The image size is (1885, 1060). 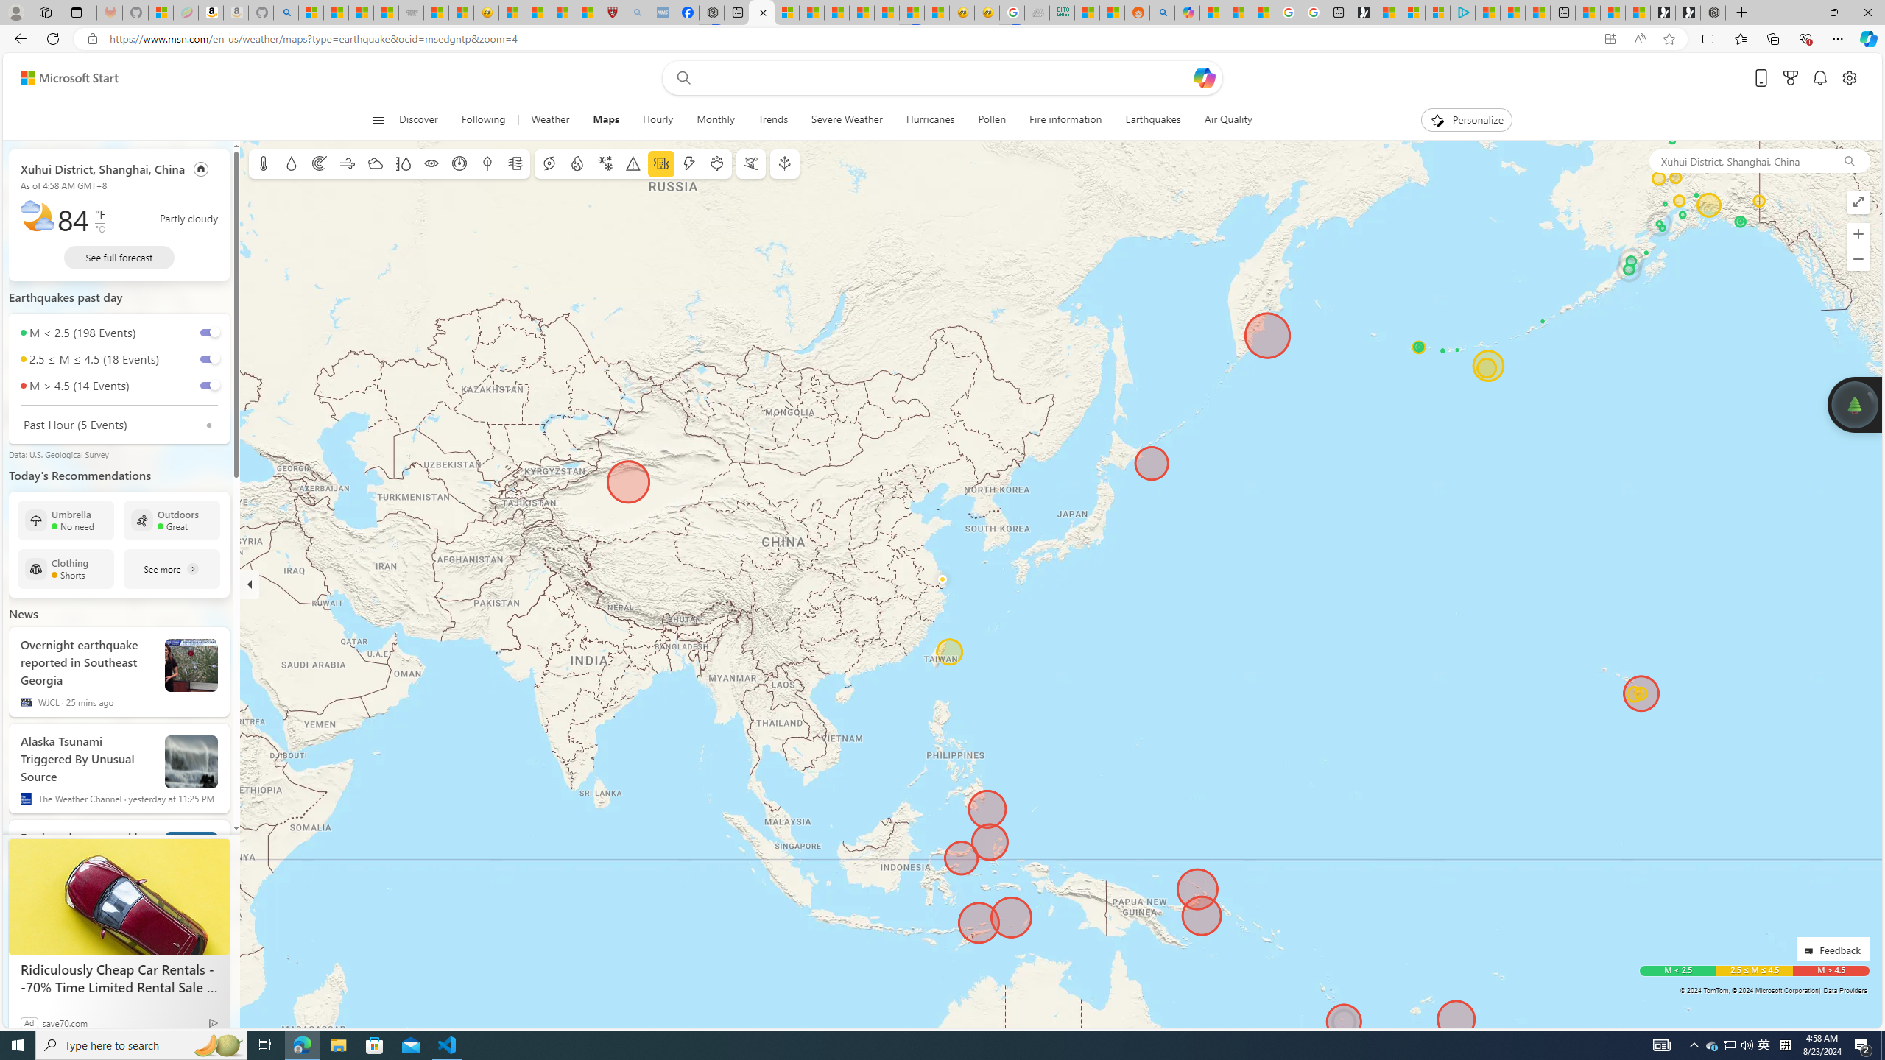 I want to click on 'Navy Quest', so click(x=1036, y=12).